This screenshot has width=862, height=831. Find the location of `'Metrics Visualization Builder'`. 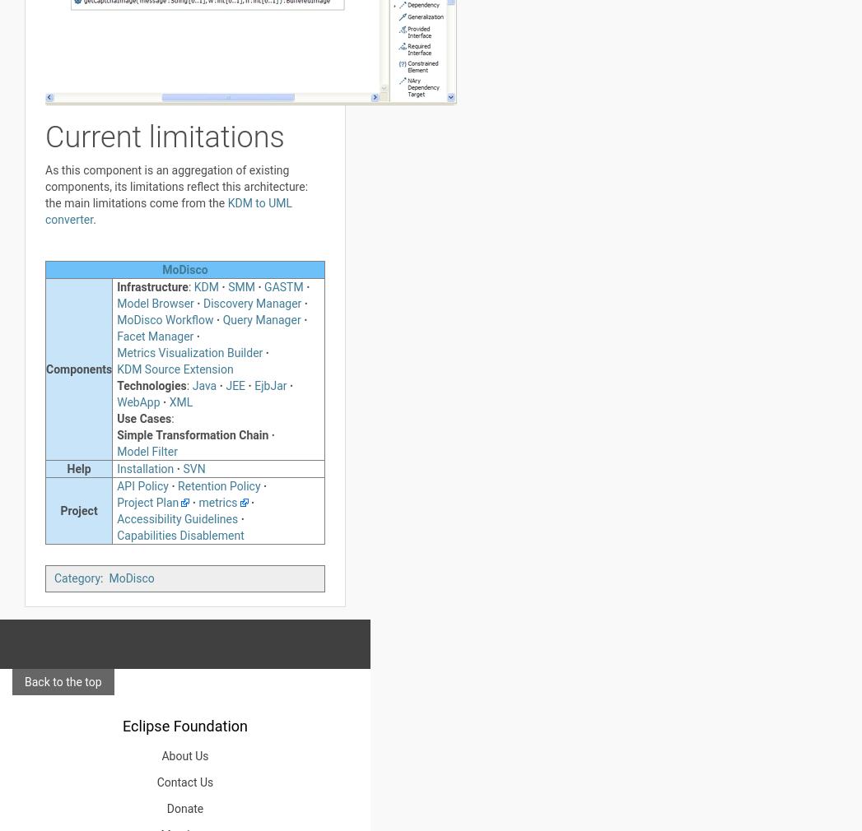

'Metrics Visualization Builder' is located at coordinates (189, 353).